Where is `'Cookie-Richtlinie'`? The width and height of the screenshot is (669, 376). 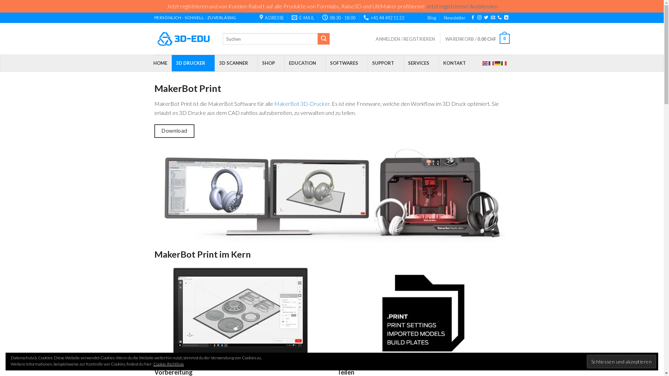 'Cookie-Richtlinie' is located at coordinates (169, 363).